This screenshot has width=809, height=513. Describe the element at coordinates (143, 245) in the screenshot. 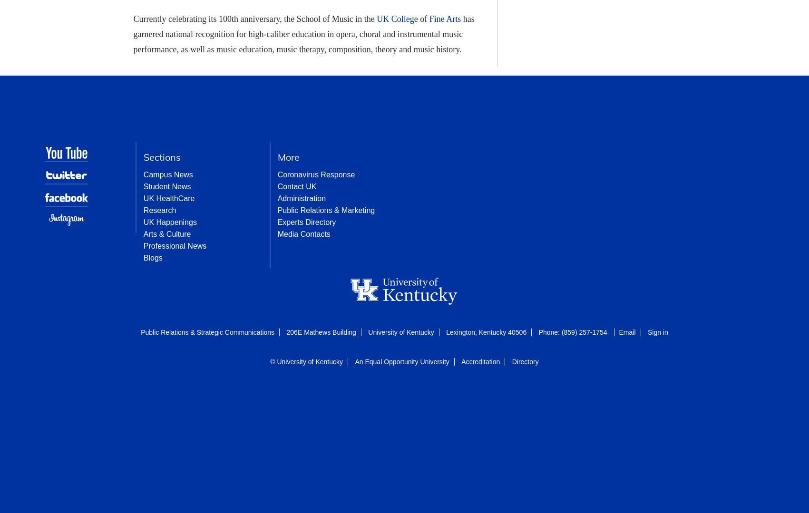

I see `'Professional News'` at that location.